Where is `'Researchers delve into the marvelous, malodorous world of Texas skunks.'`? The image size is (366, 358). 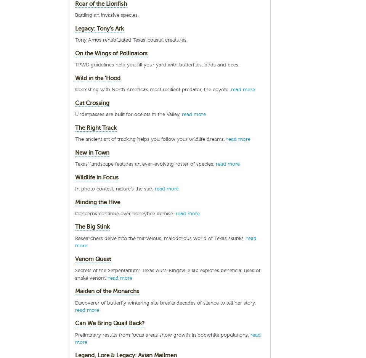 'Researchers delve into the marvelous, malodorous world of Texas skunks.' is located at coordinates (75, 238).